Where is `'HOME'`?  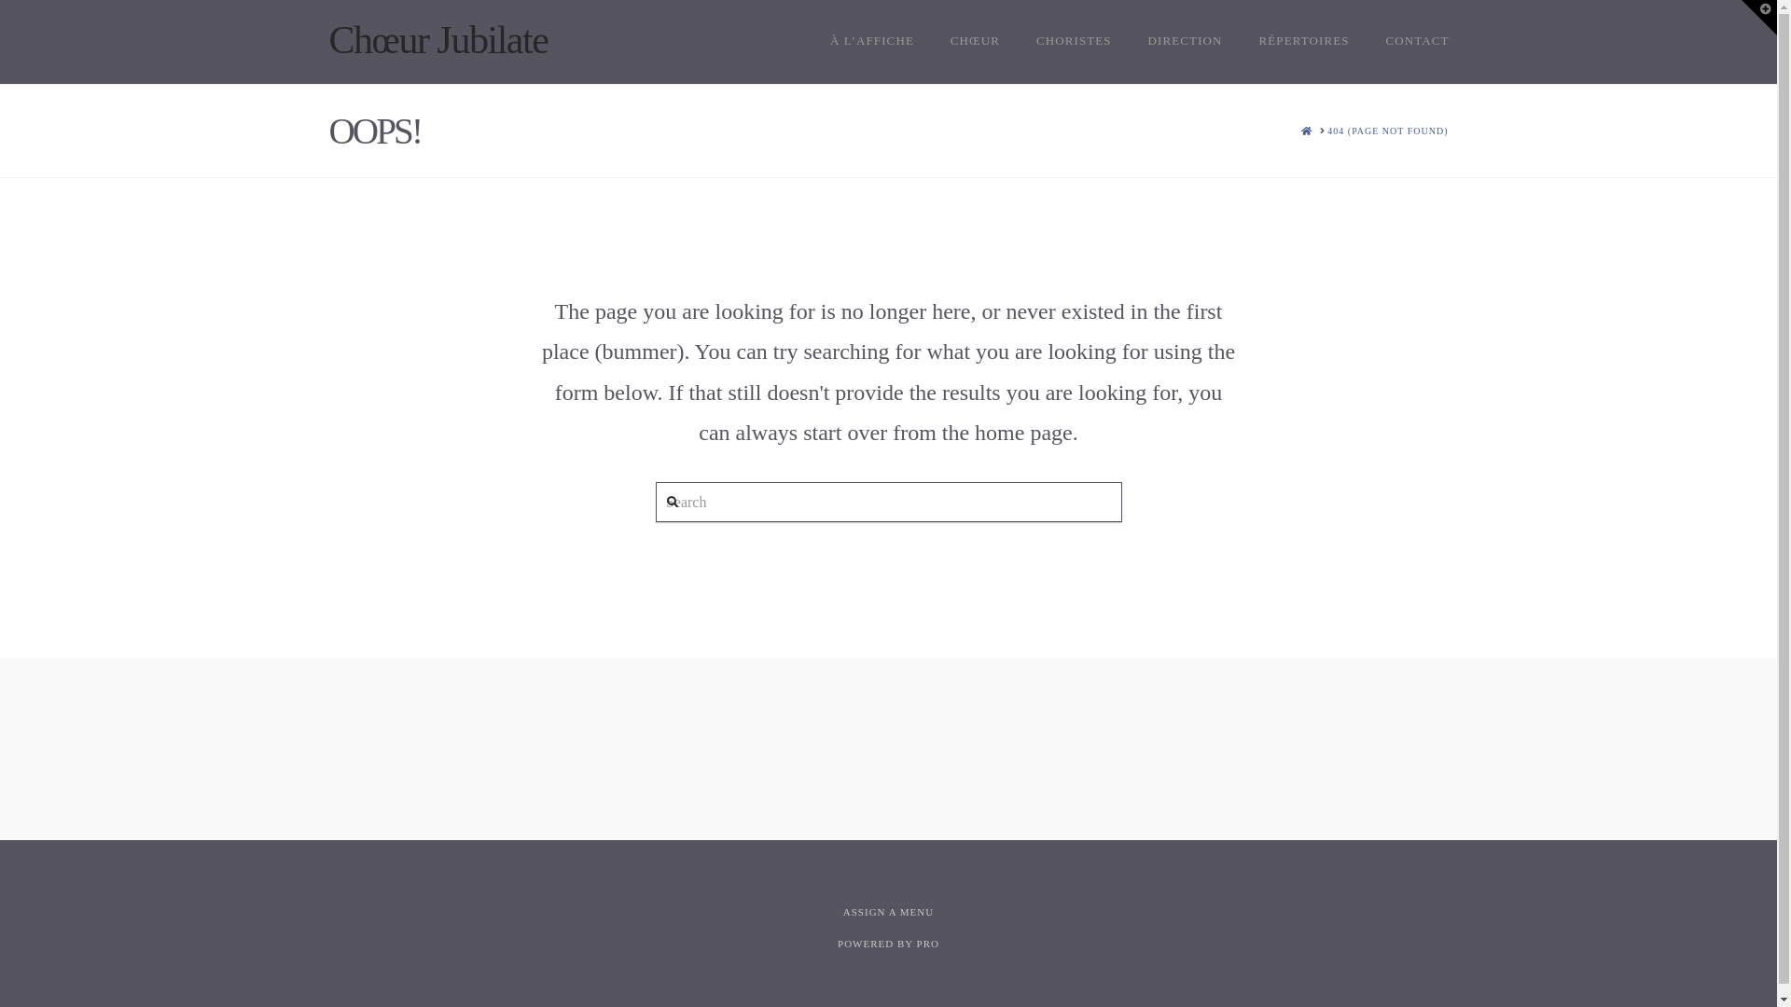 'HOME' is located at coordinates (1300, 130).